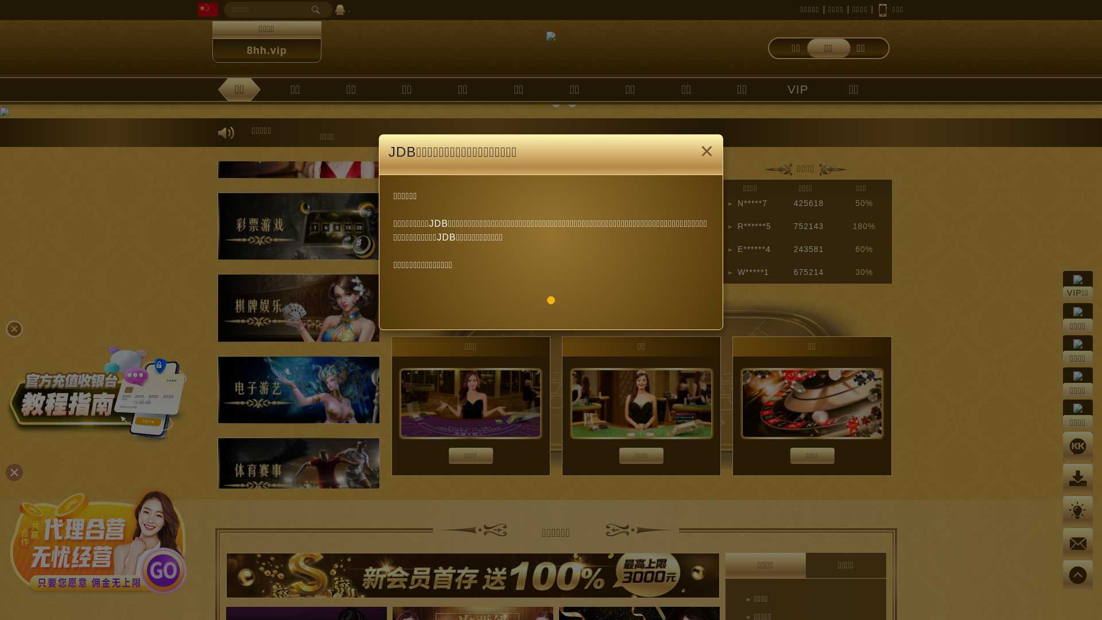 The image size is (1102, 620). I want to click on 'VIP', so click(797, 88).